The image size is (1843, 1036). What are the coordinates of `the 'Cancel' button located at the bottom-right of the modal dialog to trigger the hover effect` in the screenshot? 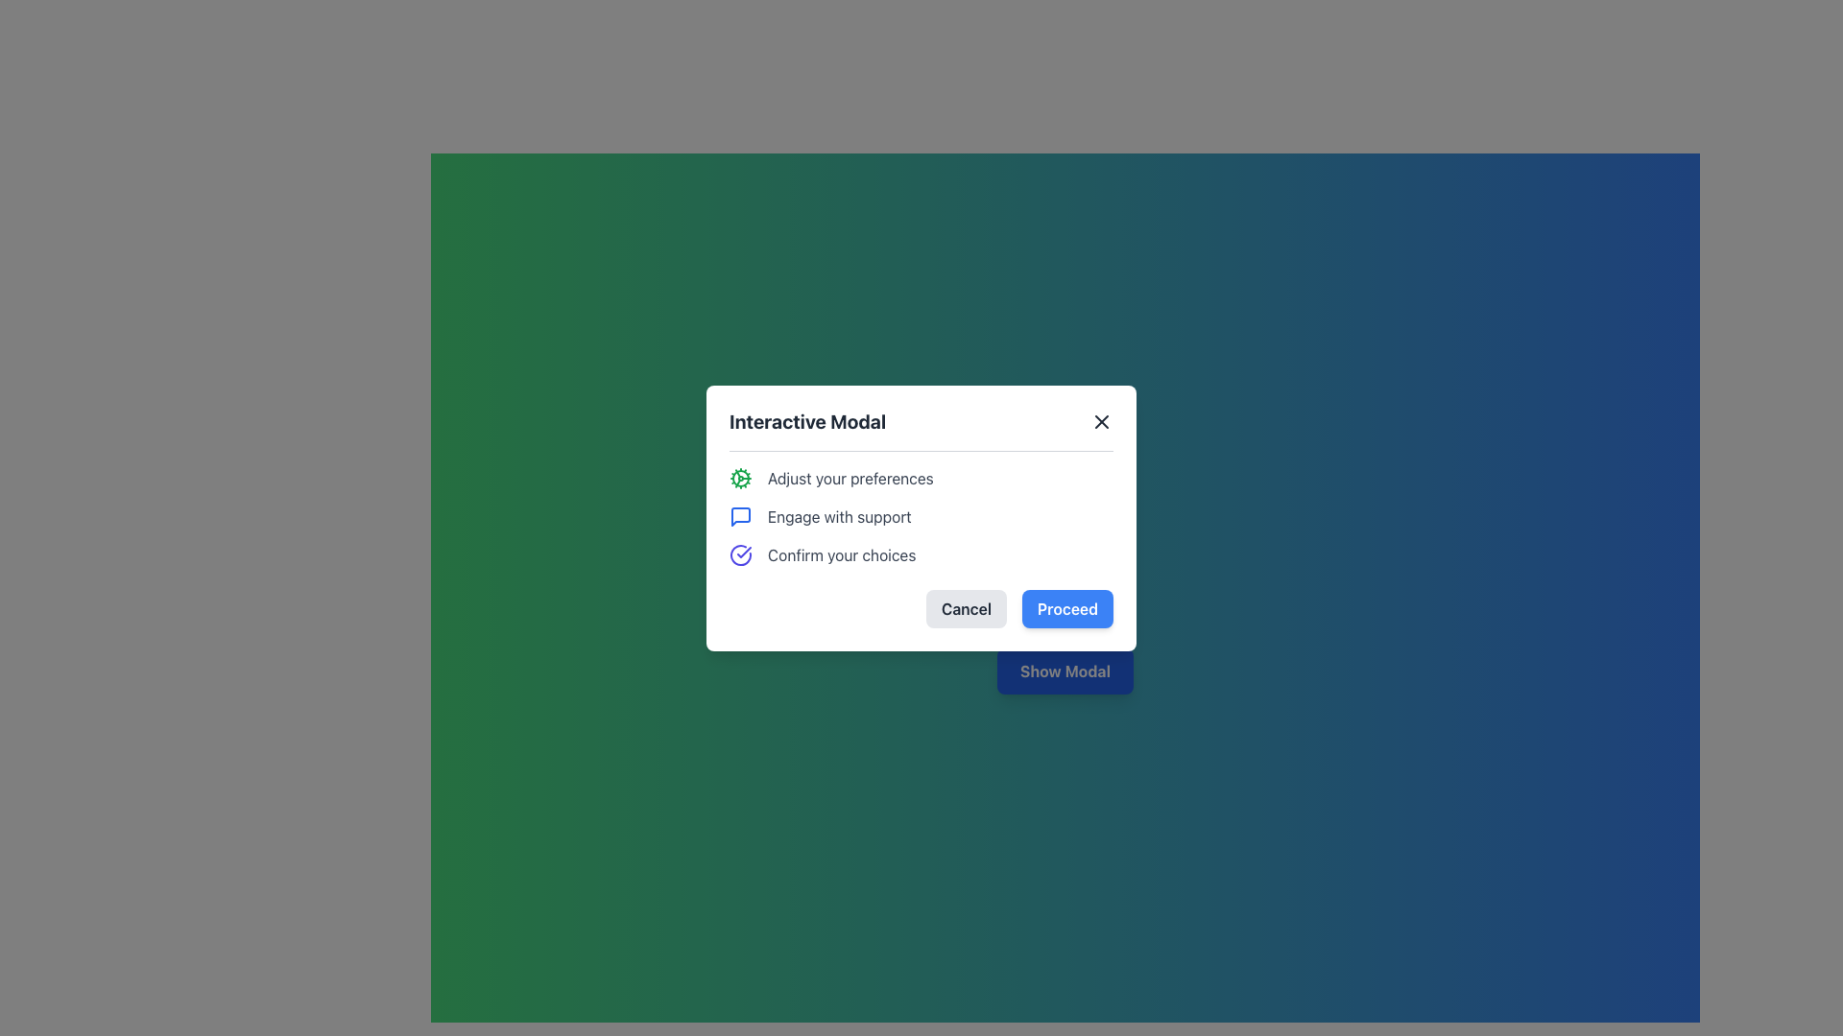 It's located at (967, 608).